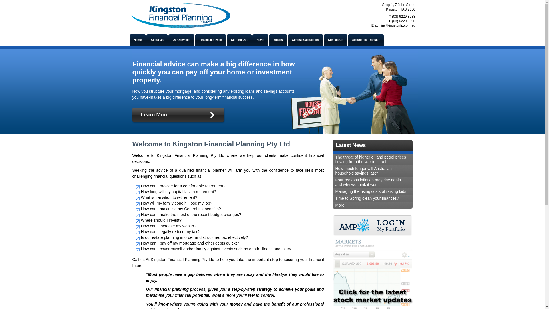 The width and height of the screenshot is (549, 309). What do you see at coordinates (395, 25) in the screenshot?
I see `'admin@kingstonfp.com.au'` at bounding box center [395, 25].